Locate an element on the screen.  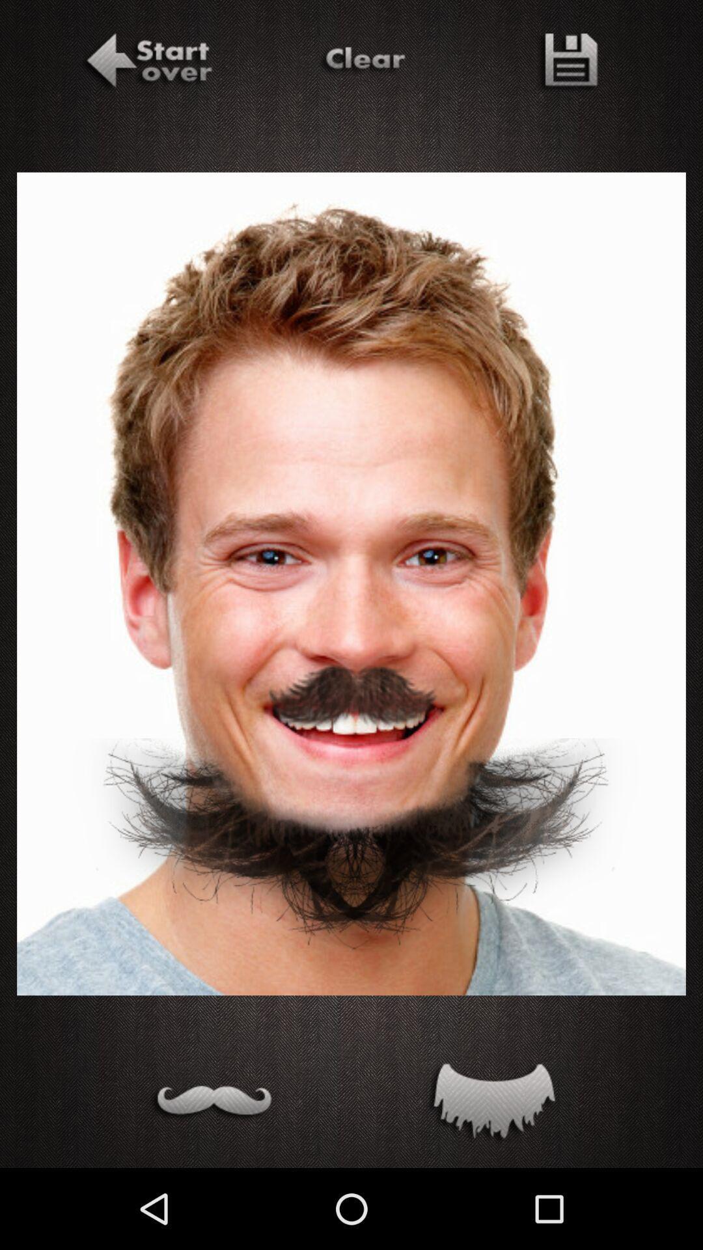
beard is located at coordinates (491, 1104).